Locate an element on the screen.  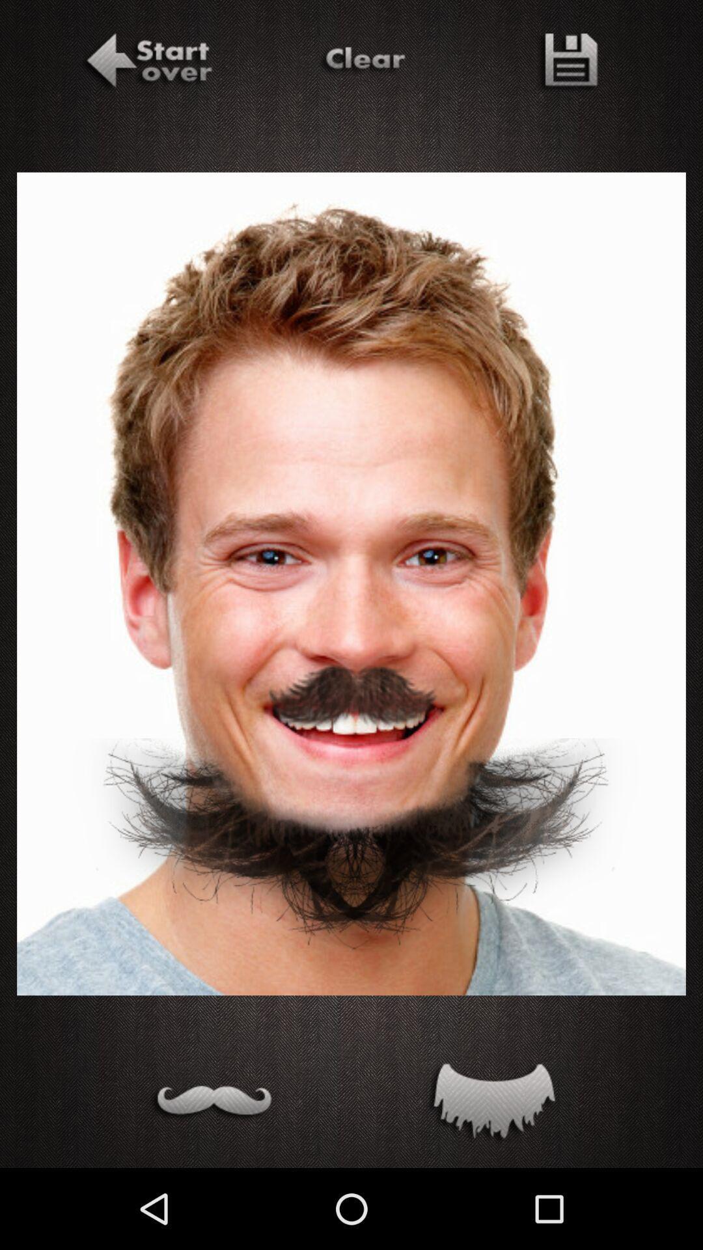
beard is located at coordinates (491, 1104).